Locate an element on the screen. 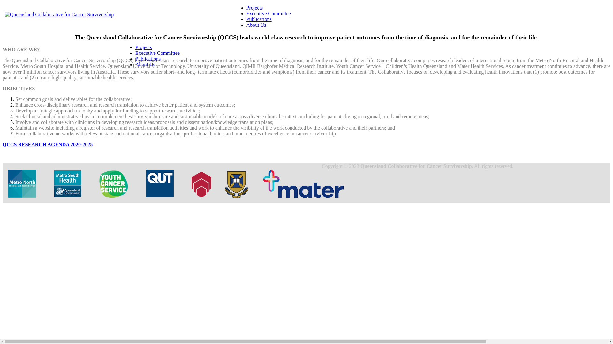 This screenshot has width=613, height=344. 'Queensland Collaborative for Cancer Survivorship' is located at coordinates (59, 14).